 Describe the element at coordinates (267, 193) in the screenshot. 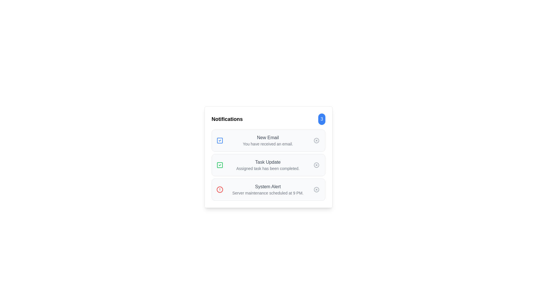

I see `text of the Text Label that provides additional information about the 'System Alert' notification, which is located as the second line under the 'System Alert' heading in the notification panel` at that location.